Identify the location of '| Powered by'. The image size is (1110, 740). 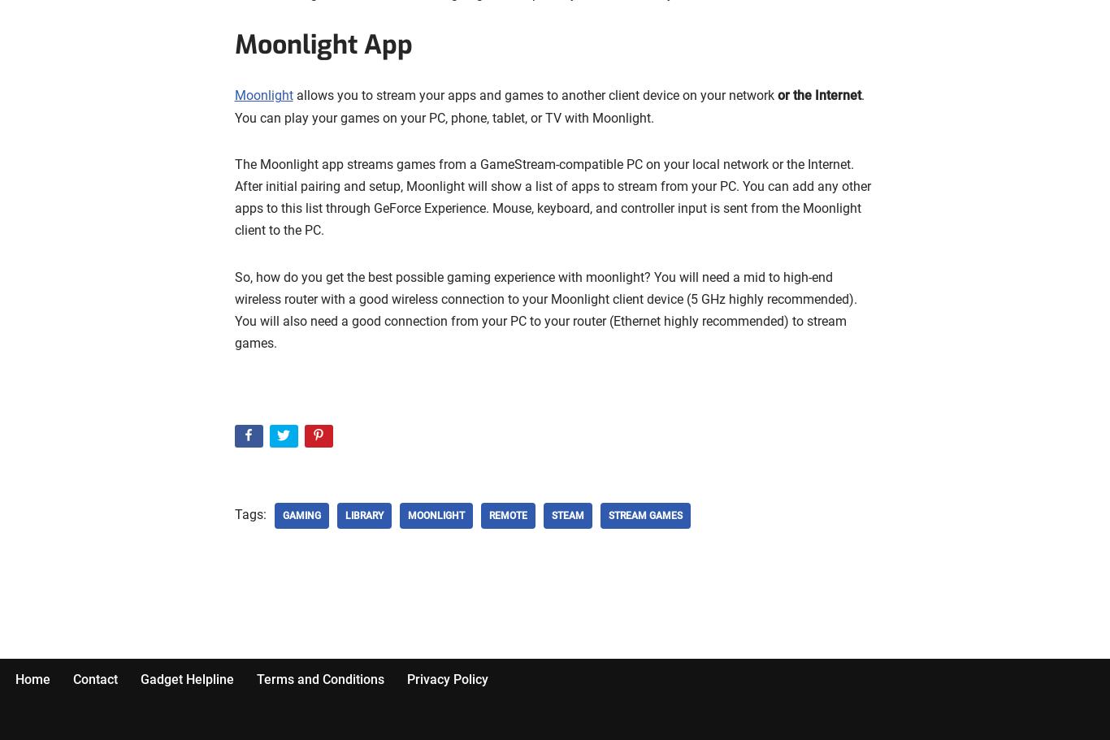
(80, 719).